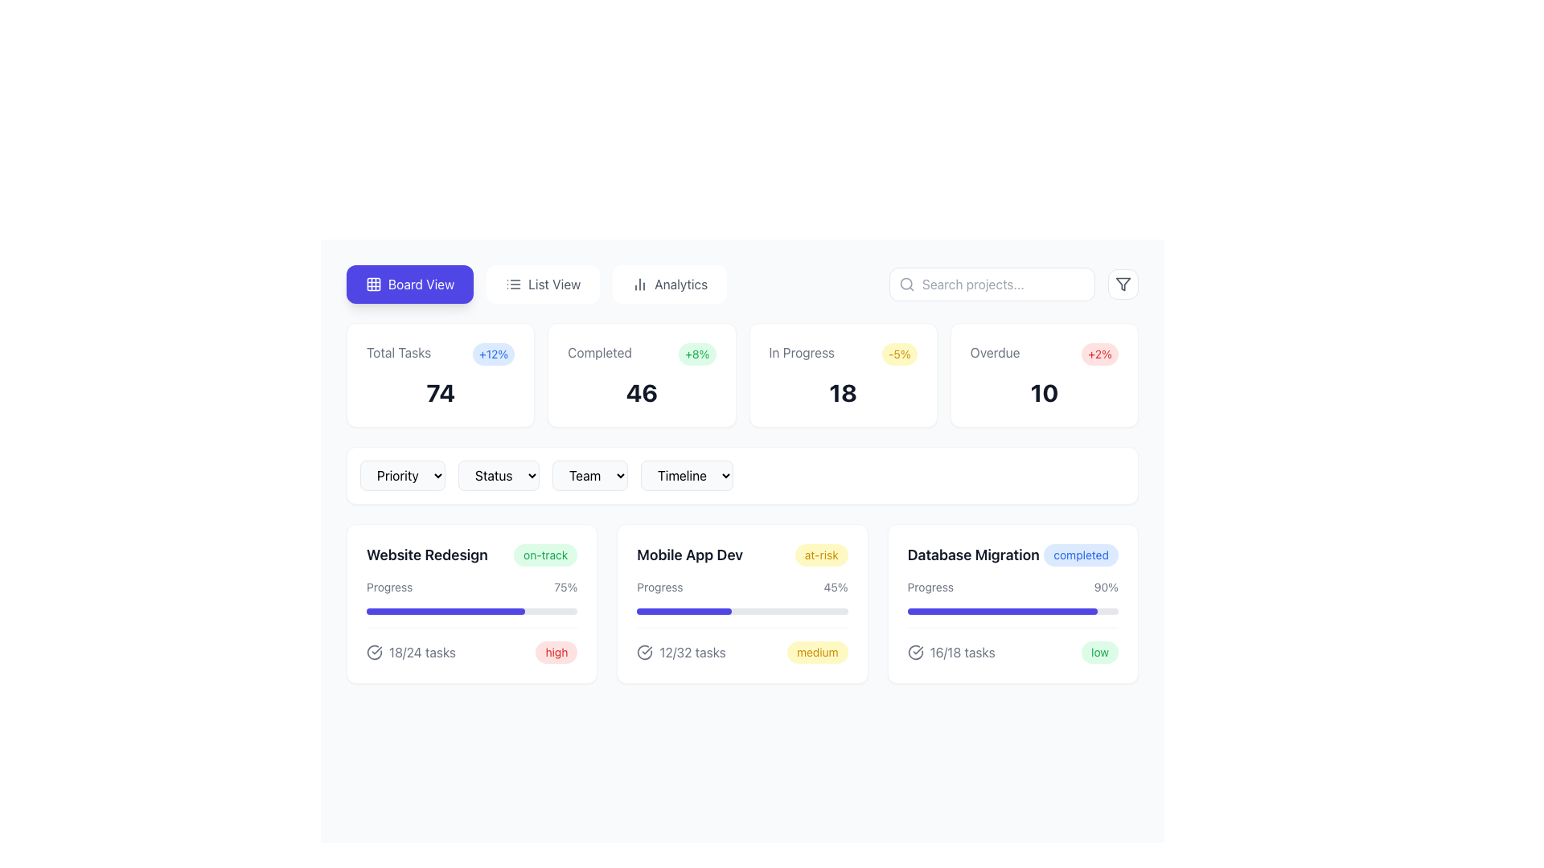 Image resolution: width=1544 pixels, height=868 pixels. Describe the element at coordinates (1012, 611) in the screenshot. I see `the visual progress represented by the horizontal progress bar located in the 'Database Migration' section, which indicates a completion of 90%` at that location.